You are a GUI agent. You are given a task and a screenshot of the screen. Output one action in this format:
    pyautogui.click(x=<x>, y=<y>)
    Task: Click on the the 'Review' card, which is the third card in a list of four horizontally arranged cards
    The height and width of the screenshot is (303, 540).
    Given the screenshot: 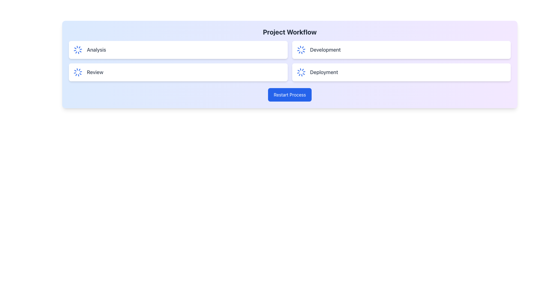 What is the action you would take?
    pyautogui.click(x=178, y=72)
    